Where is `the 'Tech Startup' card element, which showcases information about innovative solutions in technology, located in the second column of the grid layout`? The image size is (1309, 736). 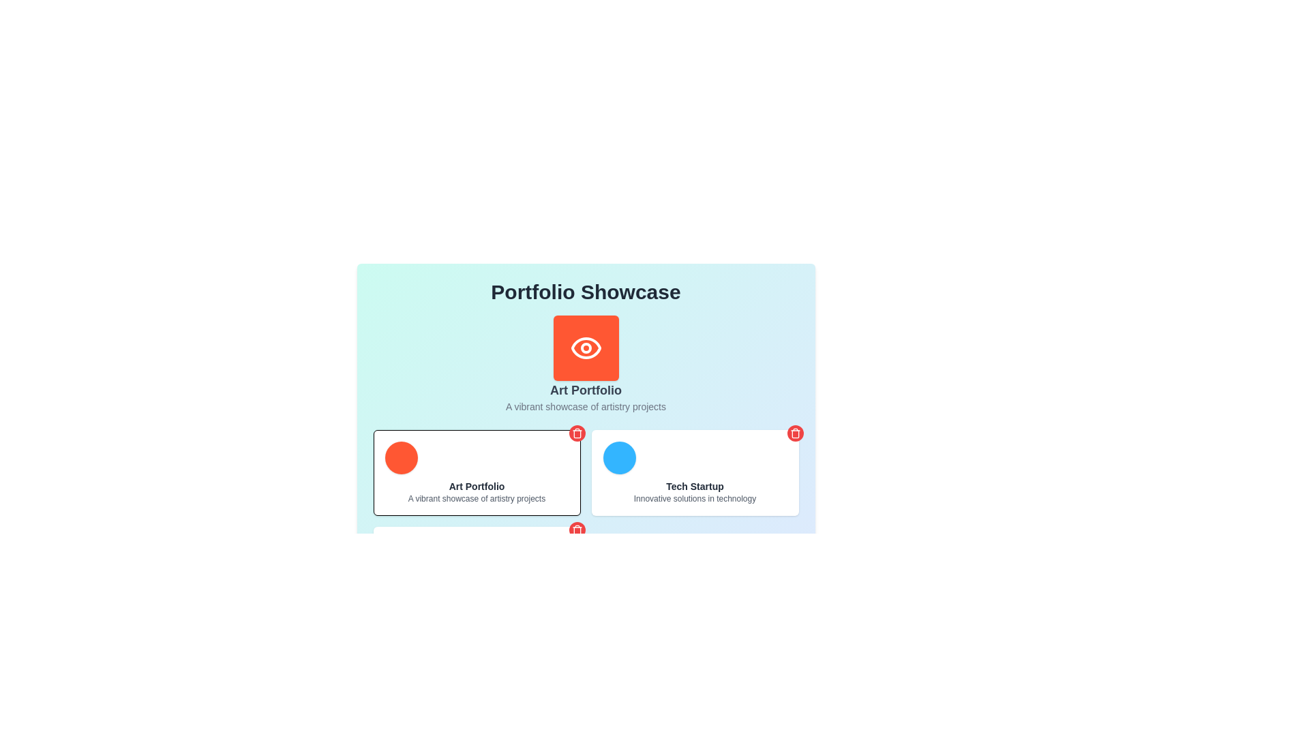
the 'Tech Startup' card element, which showcases information about innovative solutions in technology, located in the second column of the grid layout is located at coordinates (695, 472).